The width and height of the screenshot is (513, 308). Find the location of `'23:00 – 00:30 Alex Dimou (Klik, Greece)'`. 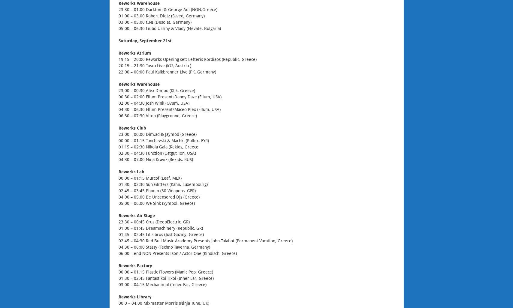

'23:00 – 00:30 Alex Dimou (Klik, Greece)' is located at coordinates (118, 90).